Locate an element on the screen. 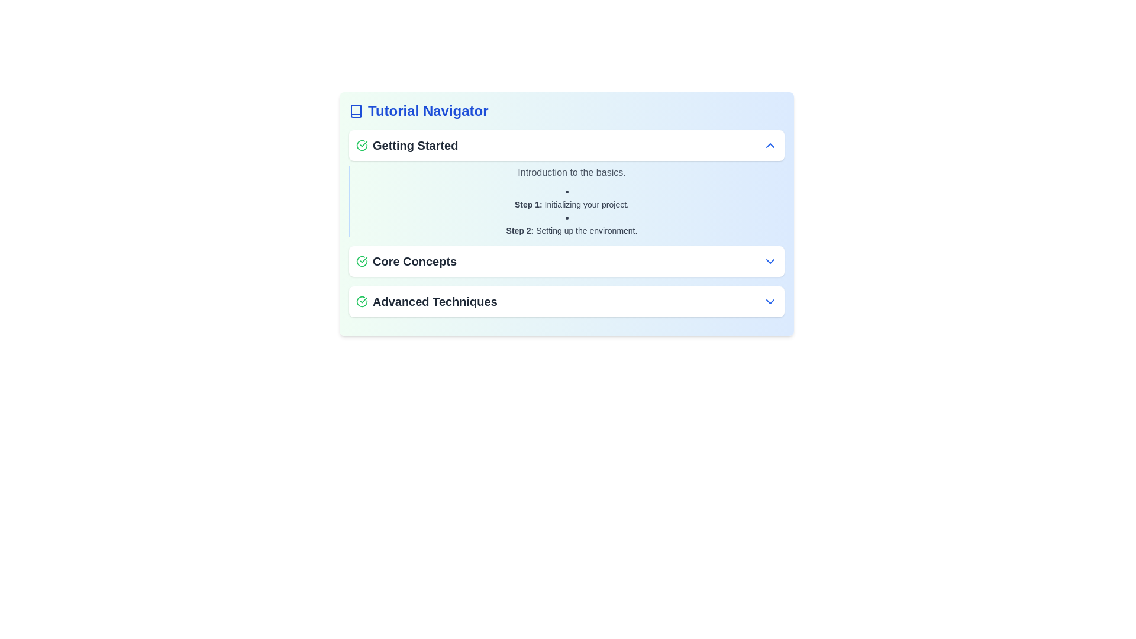  the bullet list containing 'Step 1: Initializing your project' and 'Step 2: Setting up the environment' in the 'Getting Started' section is located at coordinates (572, 209).